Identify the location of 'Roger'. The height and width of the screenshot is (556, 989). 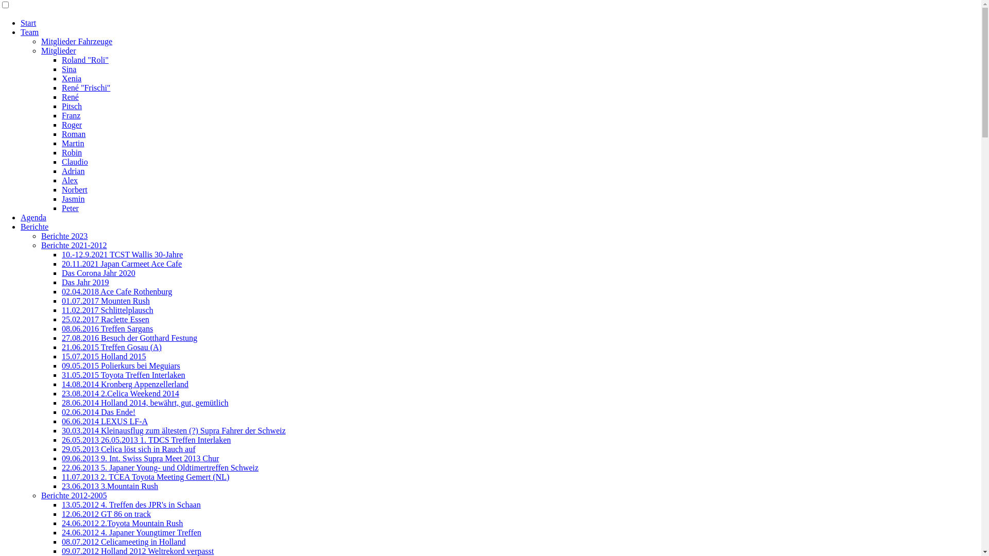
(71, 124).